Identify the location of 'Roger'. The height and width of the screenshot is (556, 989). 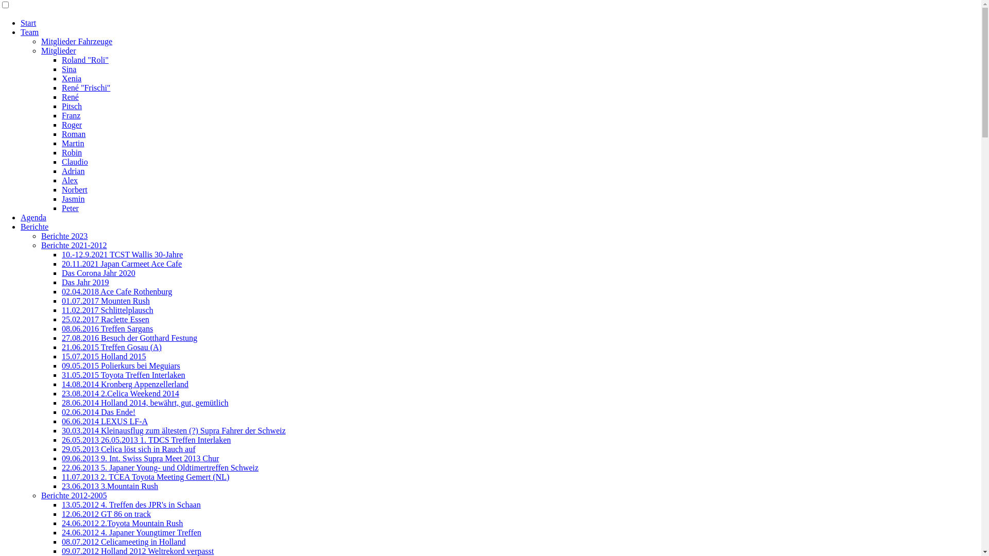
(71, 124).